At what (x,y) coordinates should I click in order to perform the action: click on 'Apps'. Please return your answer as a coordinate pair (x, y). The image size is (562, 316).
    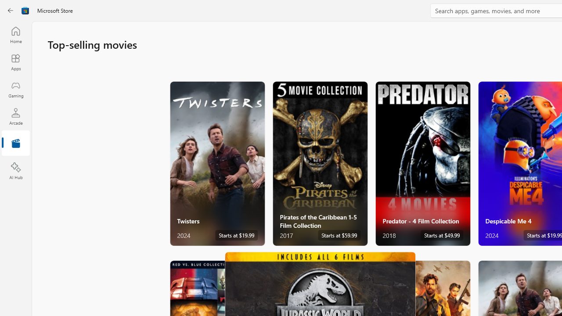
    Looking at the image, I should click on (15, 61).